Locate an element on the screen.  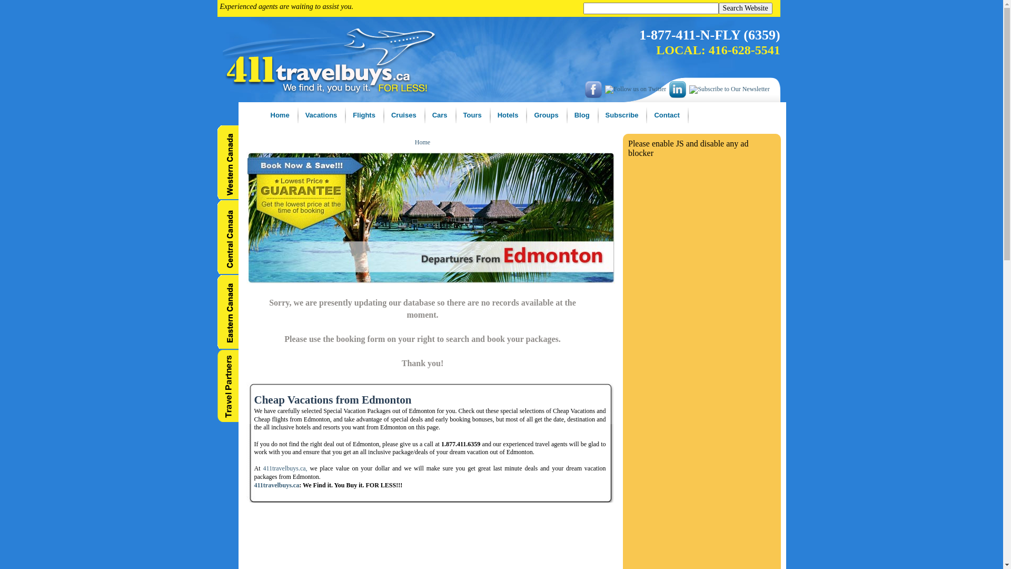
'Subscribe to Our Newsletter' is located at coordinates (729, 89).